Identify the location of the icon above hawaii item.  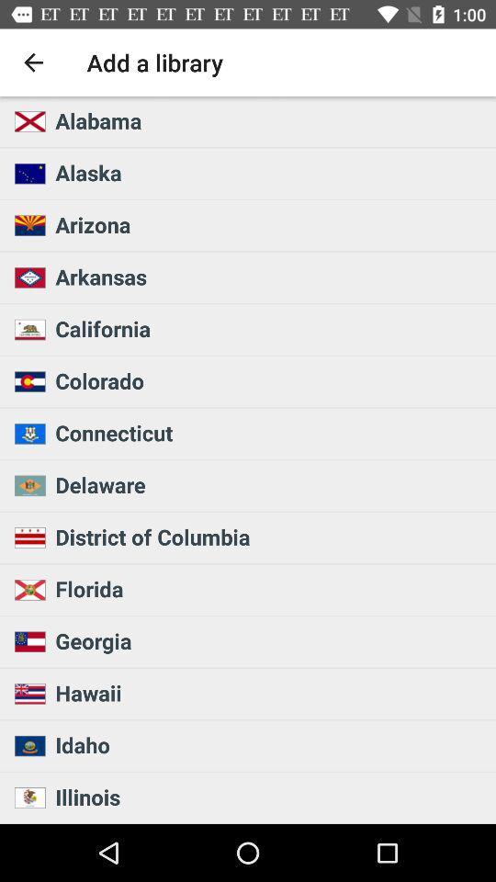
(269, 640).